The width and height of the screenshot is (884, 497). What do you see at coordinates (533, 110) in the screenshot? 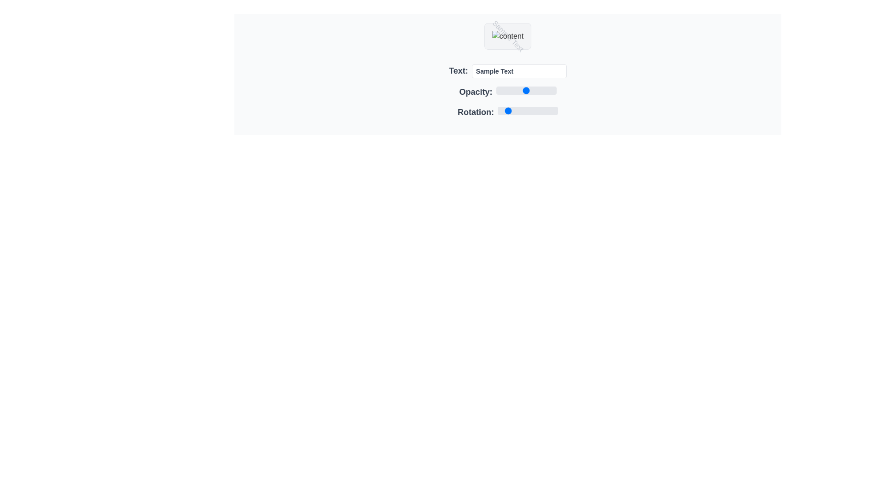
I see `rotation` at bounding box center [533, 110].